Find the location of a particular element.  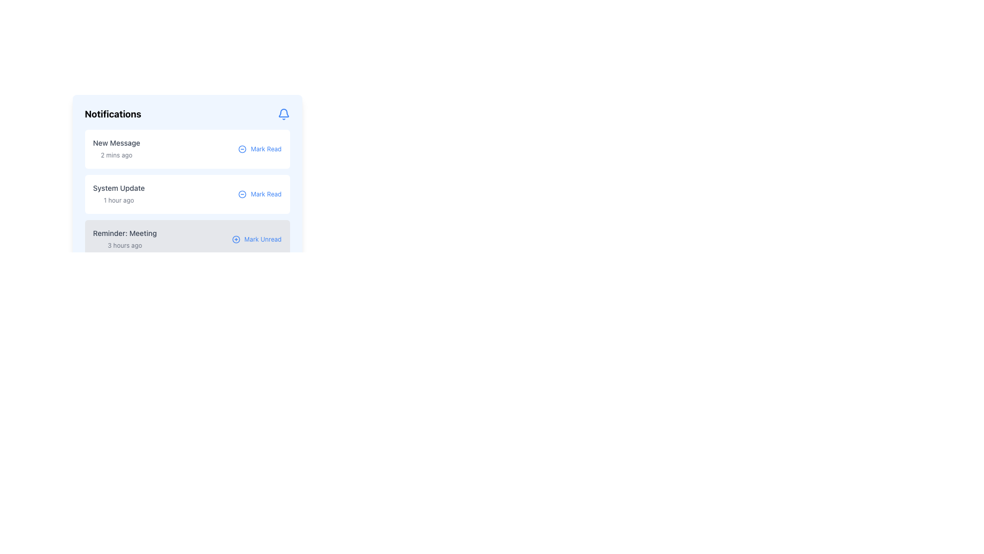

the text label displaying the time duration '3 hours ago', which is located below the 'Reminder: Meeting' text within the notification card is located at coordinates (124, 245).